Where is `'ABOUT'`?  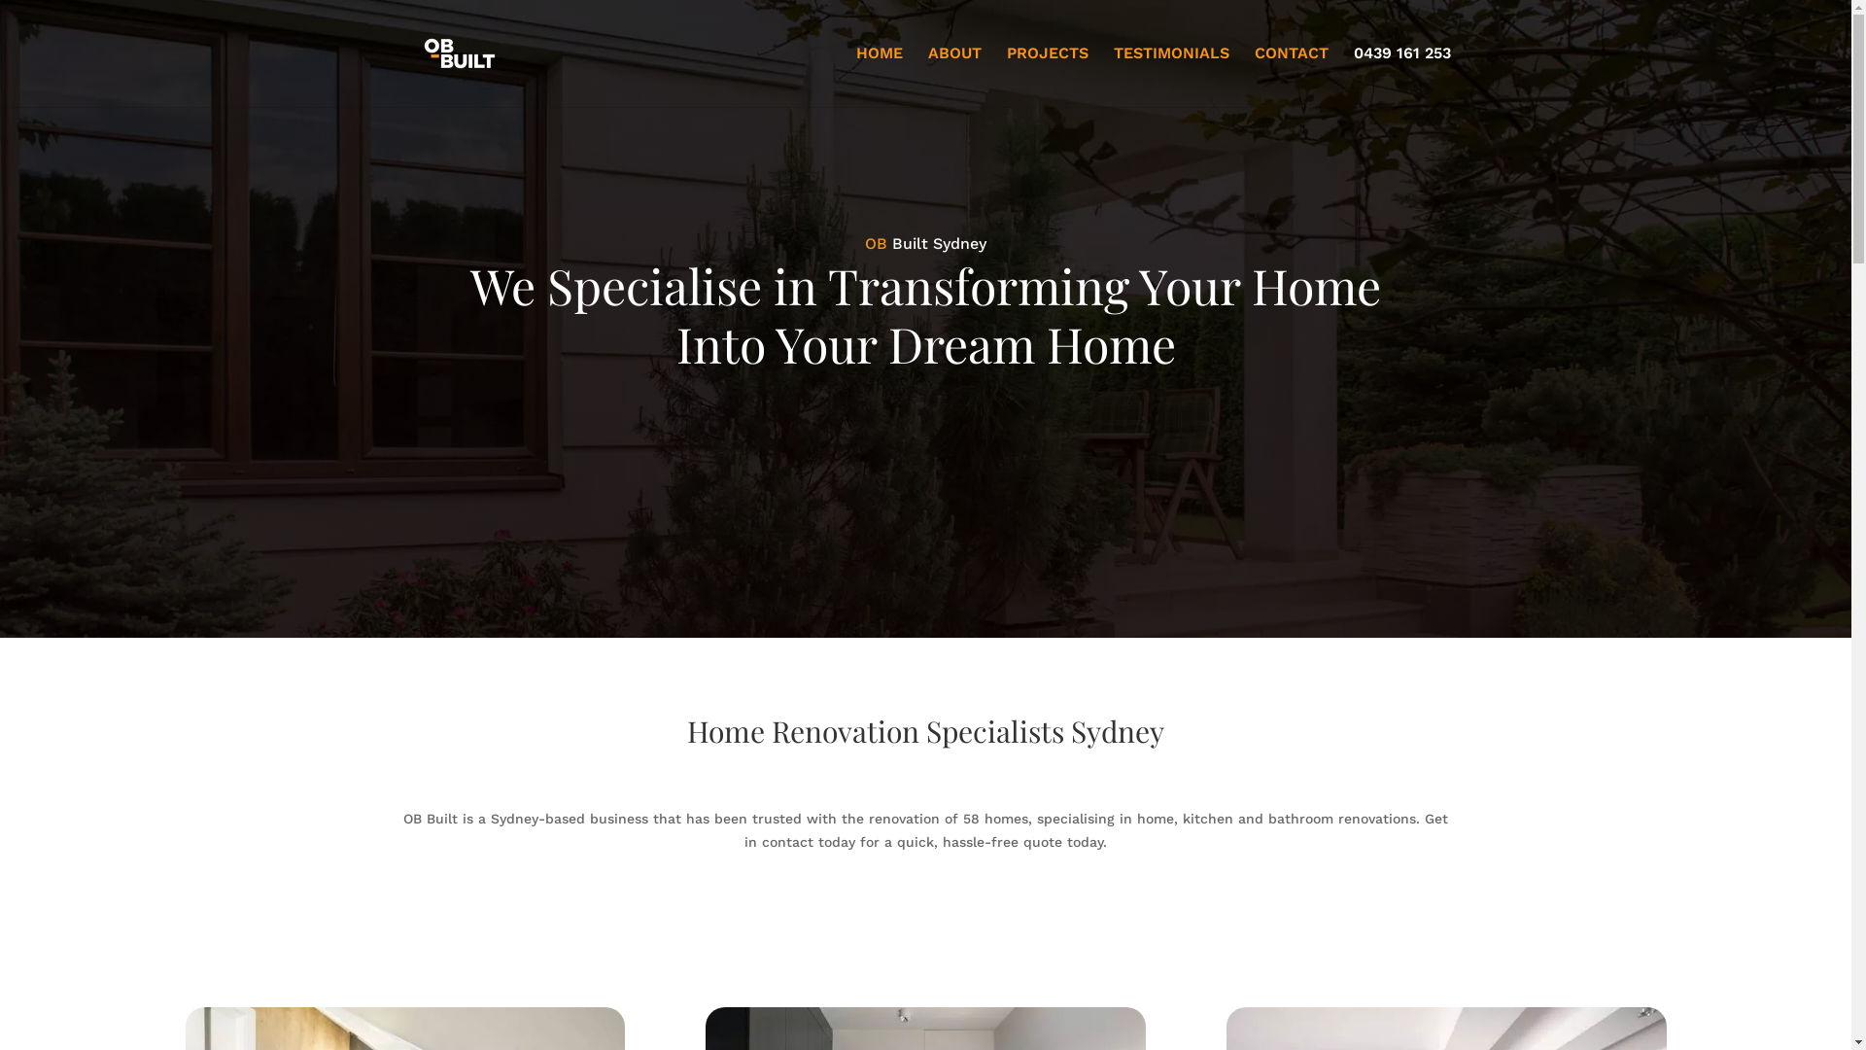
'ABOUT' is located at coordinates (953, 75).